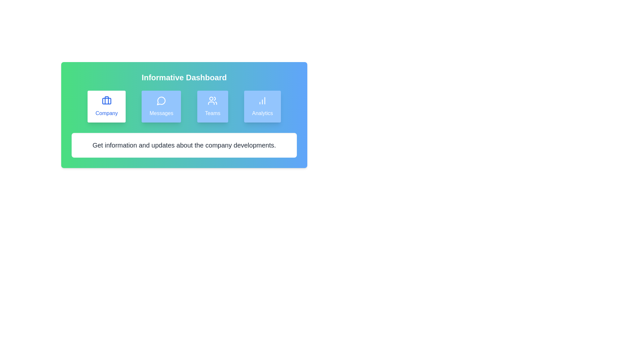 This screenshot has height=351, width=625. Describe the element at coordinates (211, 103) in the screenshot. I see `the bottom segment of the 'Users' icon in the third card from the left in the top row of the dashboard interface` at that location.